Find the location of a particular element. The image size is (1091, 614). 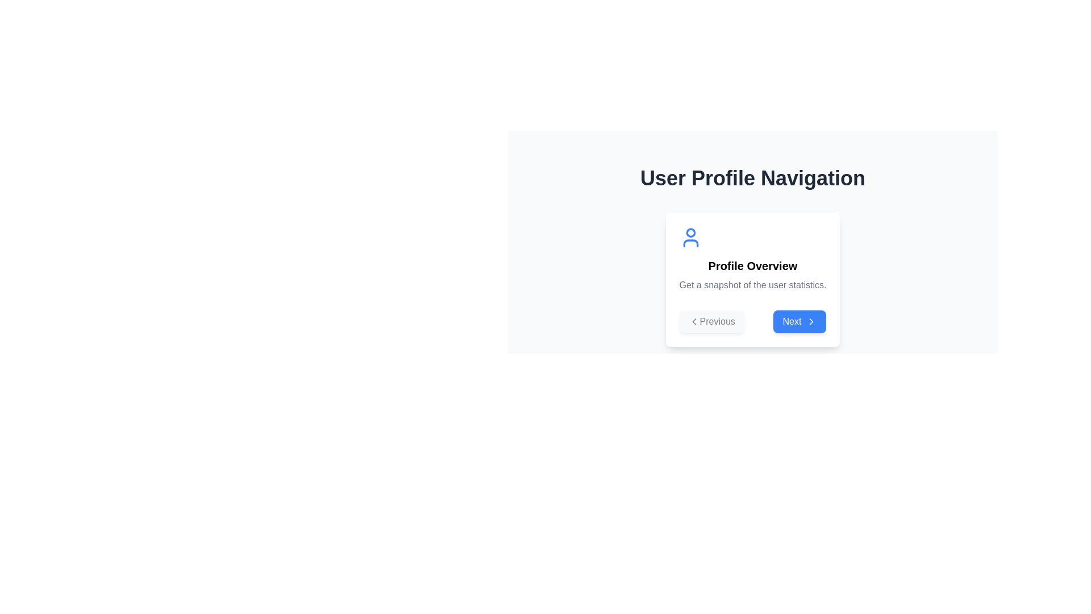

the back icon within the 'Previous' button to observe feedback indicating interactivity is located at coordinates (693, 322).